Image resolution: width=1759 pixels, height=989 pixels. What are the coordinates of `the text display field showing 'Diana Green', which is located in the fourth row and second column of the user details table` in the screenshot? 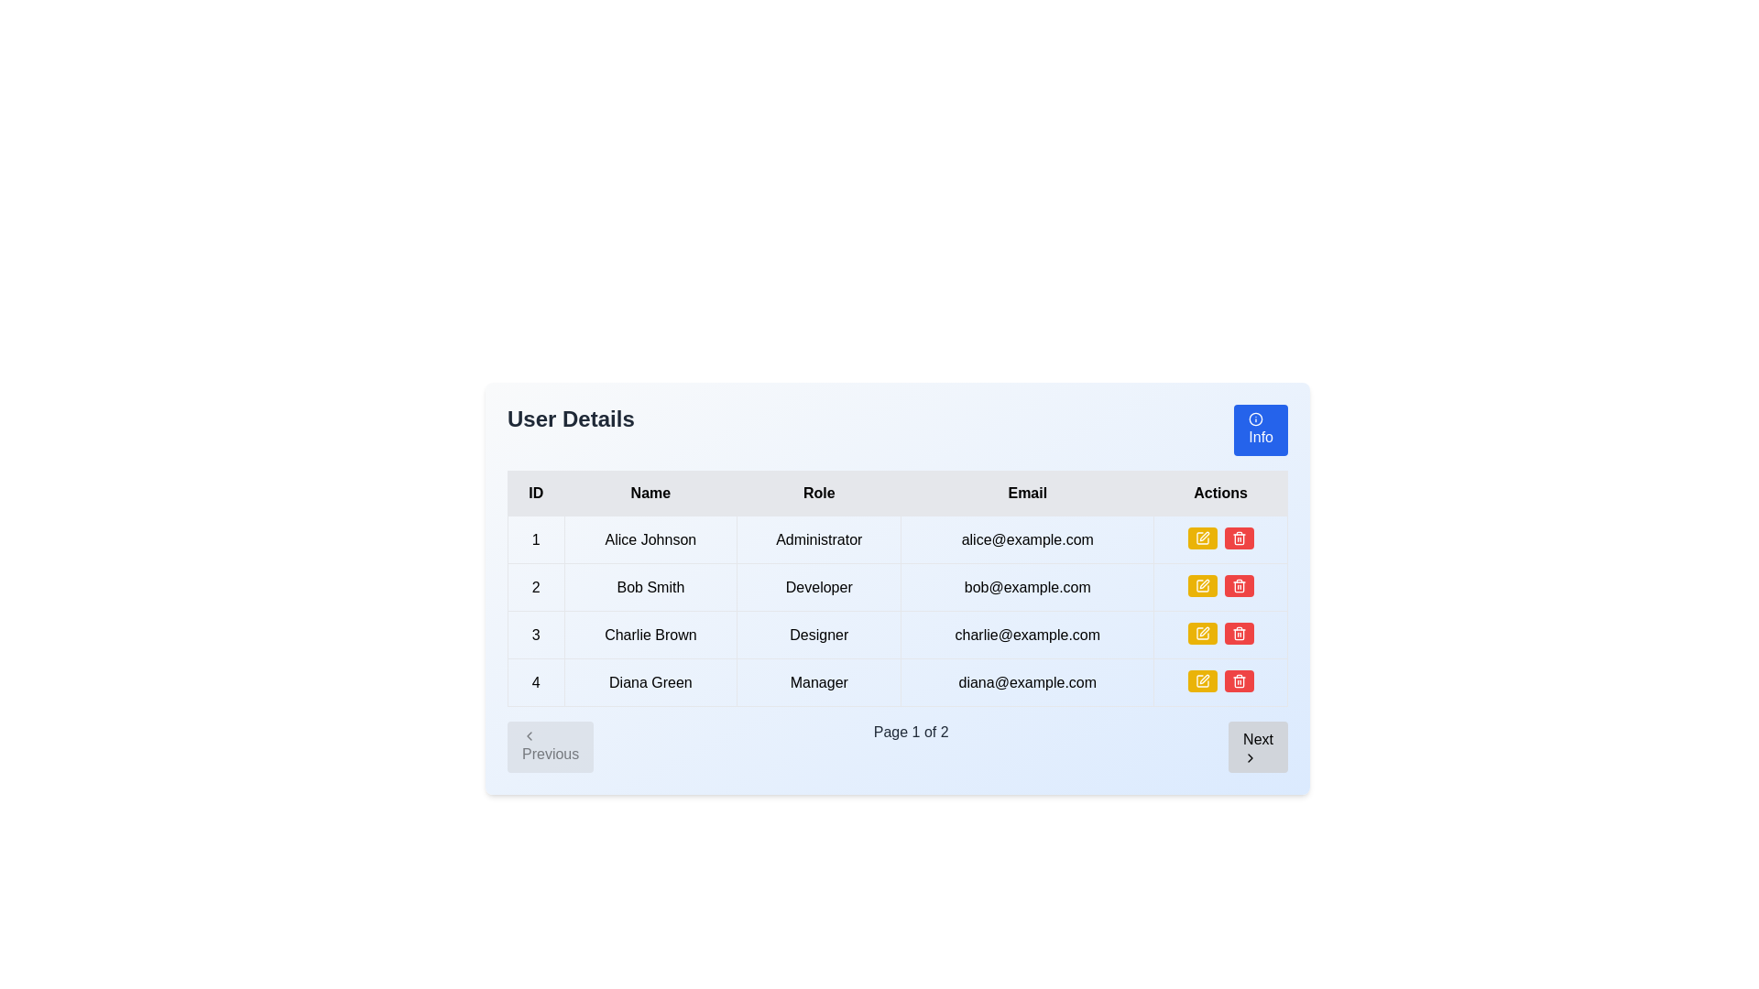 It's located at (650, 682).